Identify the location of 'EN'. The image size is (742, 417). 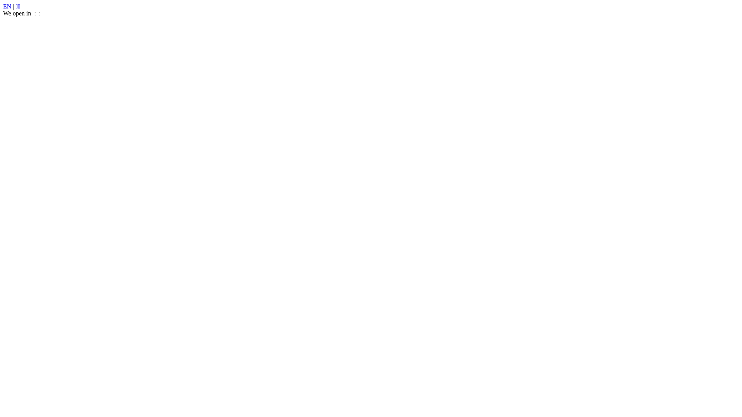
(7, 6).